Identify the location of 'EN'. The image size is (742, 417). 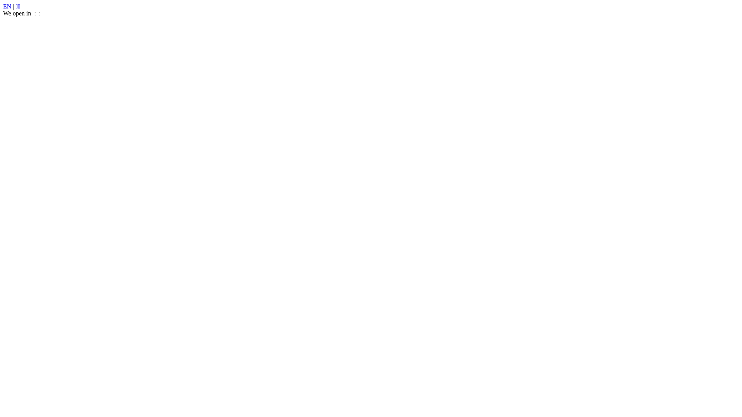
(7, 6).